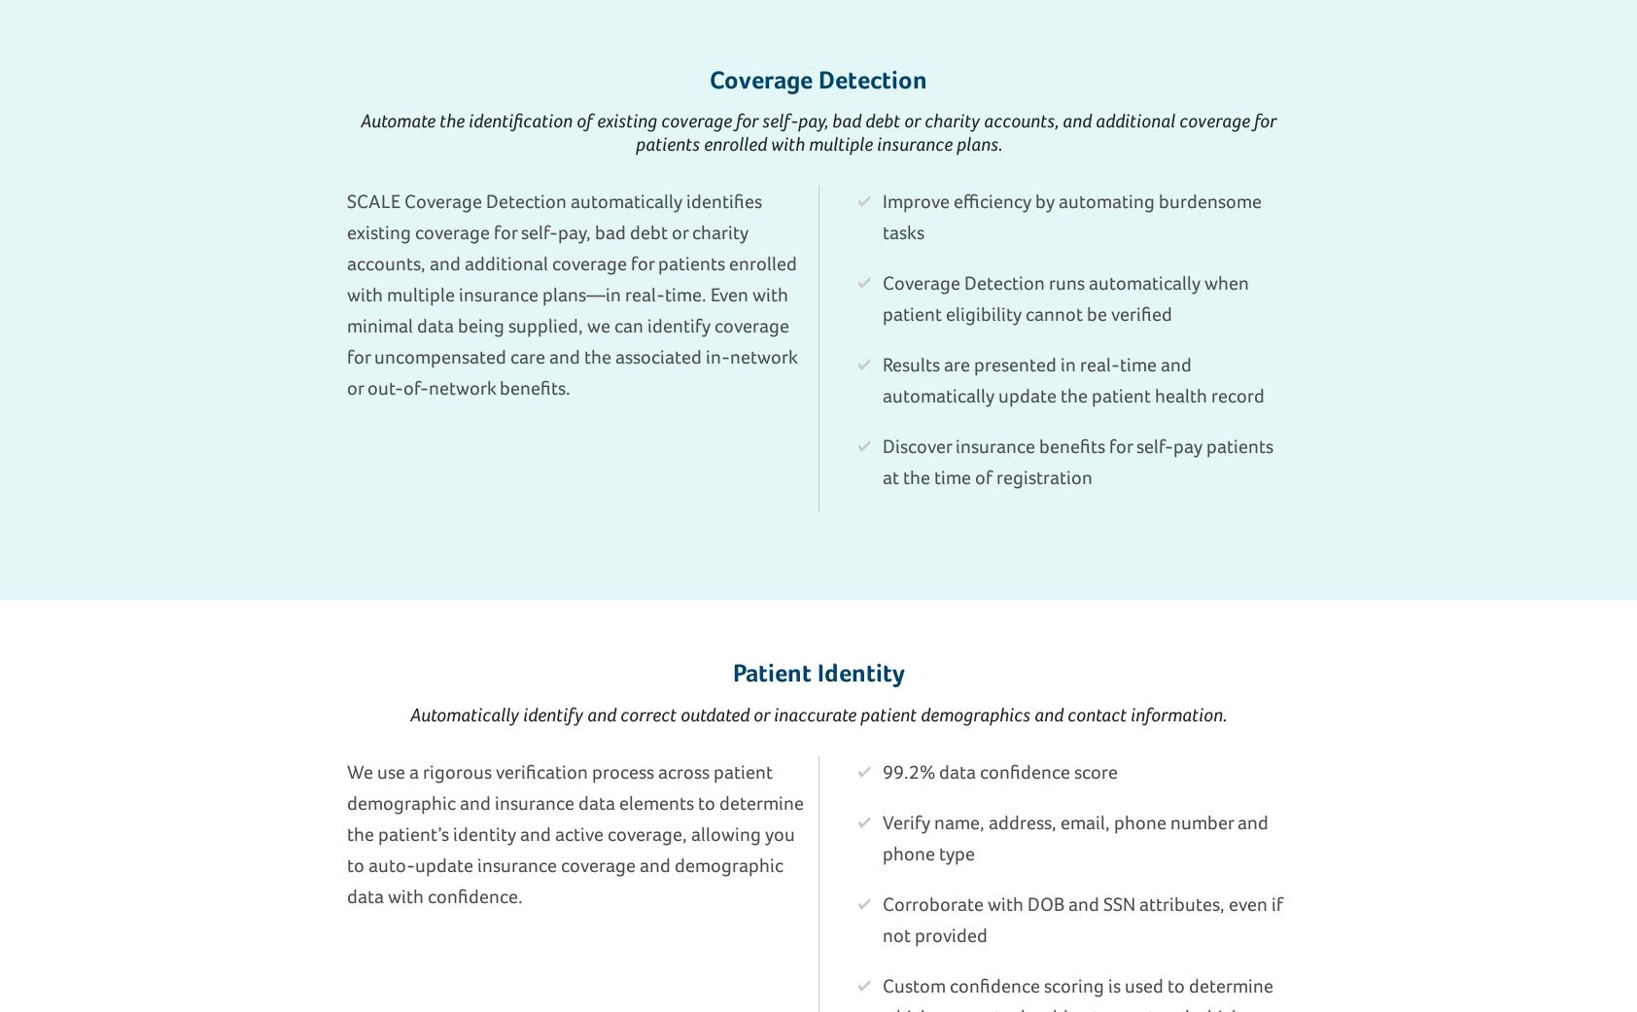 This screenshot has width=1637, height=1012. What do you see at coordinates (1073, 379) in the screenshot?
I see `'Results are presented in real-time and automatically update the patient health record'` at bounding box center [1073, 379].